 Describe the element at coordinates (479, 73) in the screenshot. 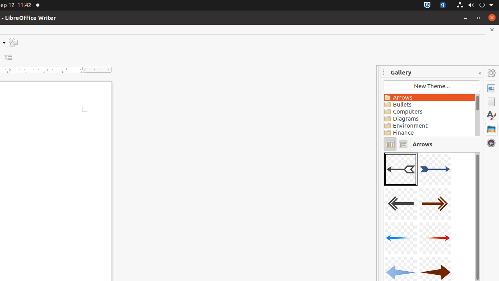

I see `'Close Sidebar Deck'` at that location.